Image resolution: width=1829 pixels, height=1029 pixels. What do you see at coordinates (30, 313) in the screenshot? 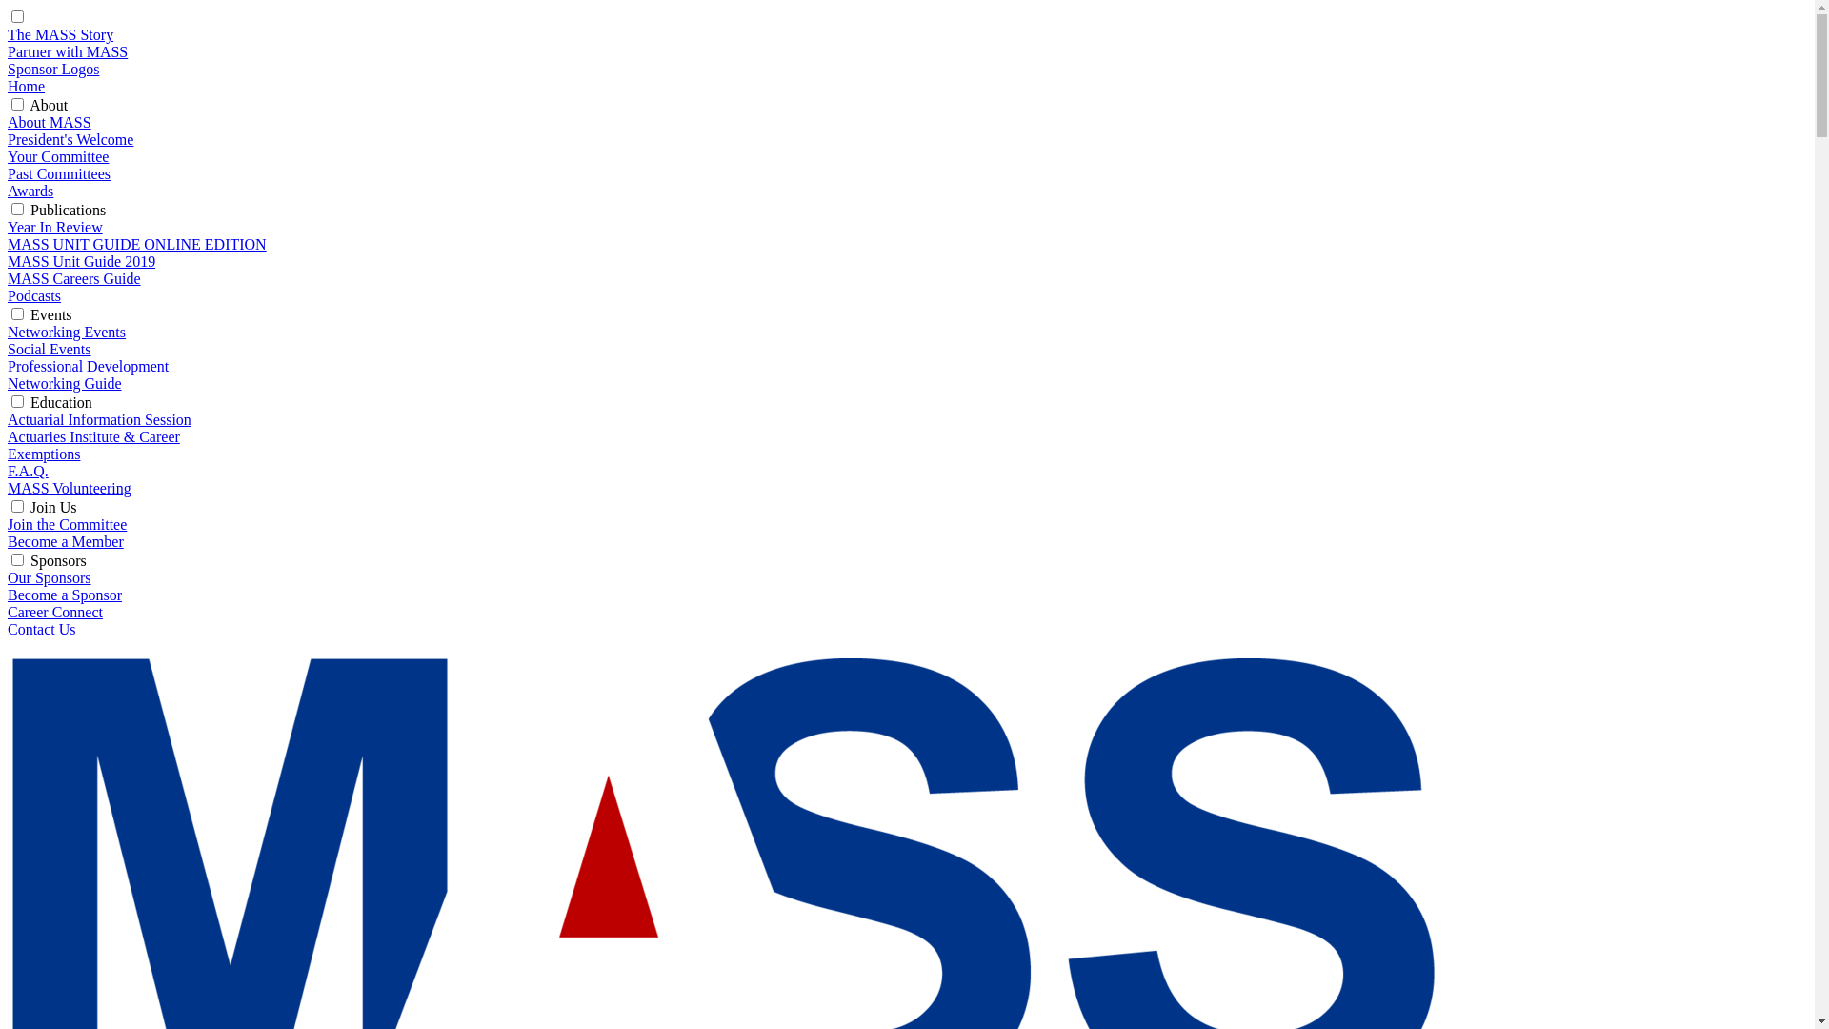
I see `'Events'` at bounding box center [30, 313].